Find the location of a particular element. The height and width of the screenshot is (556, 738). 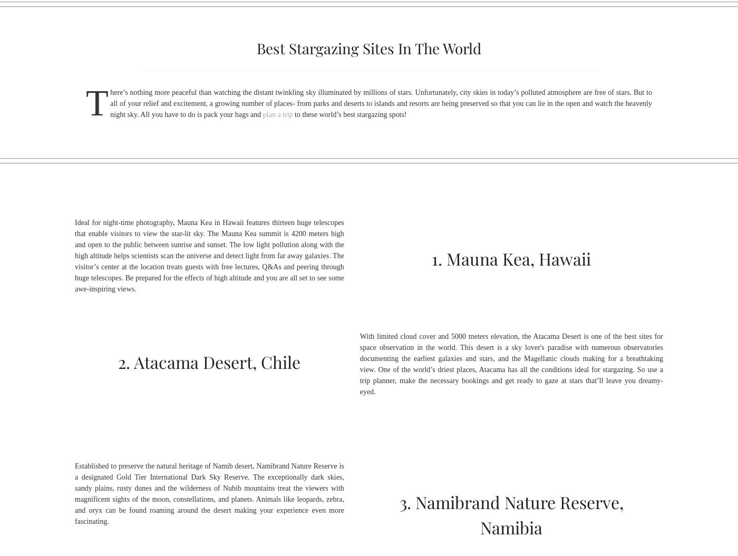

'to these world’s best stargazing spots!' is located at coordinates (292, 113).